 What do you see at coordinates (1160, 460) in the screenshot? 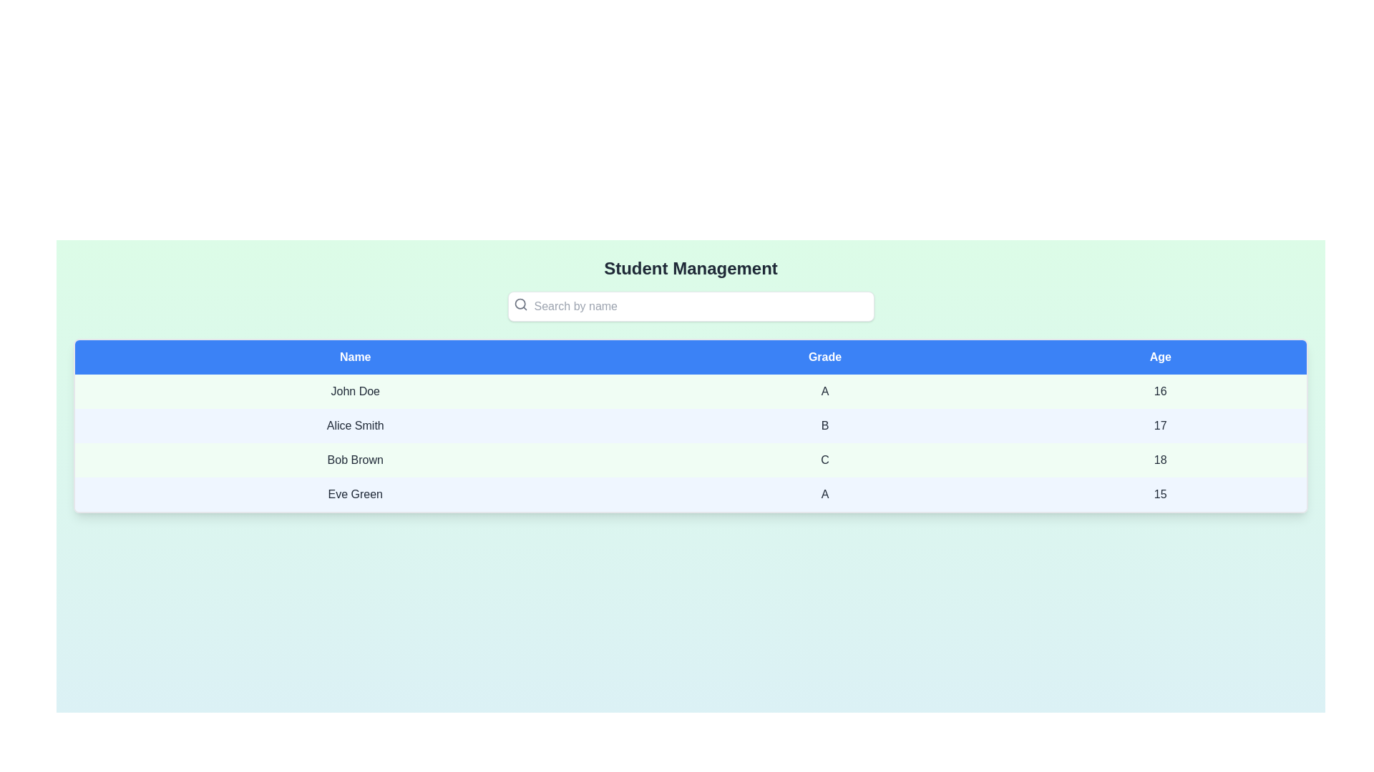
I see `the text element displaying the number '18' located in the 'Age' column of the table for the row labeled 'Bob Brown'` at bounding box center [1160, 460].